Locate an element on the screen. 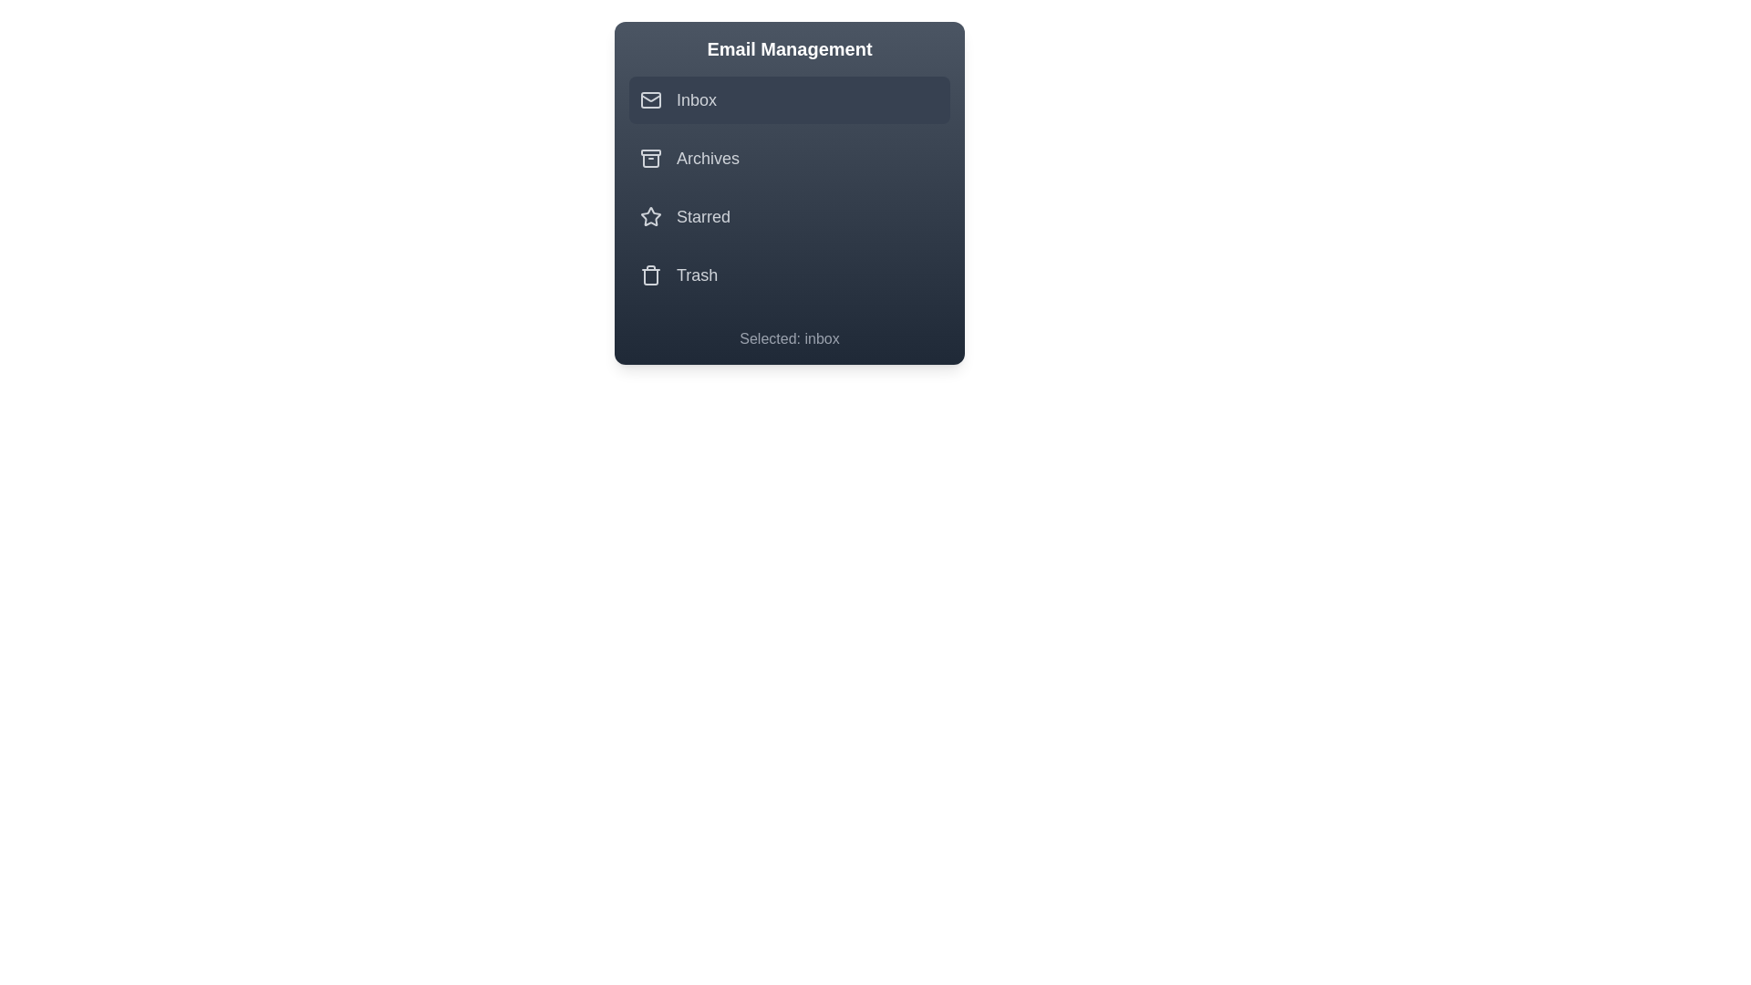 The height and width of the screenshot is (985, 1751). the category Inbox by clicking its button is located at coordinates (789, 100).